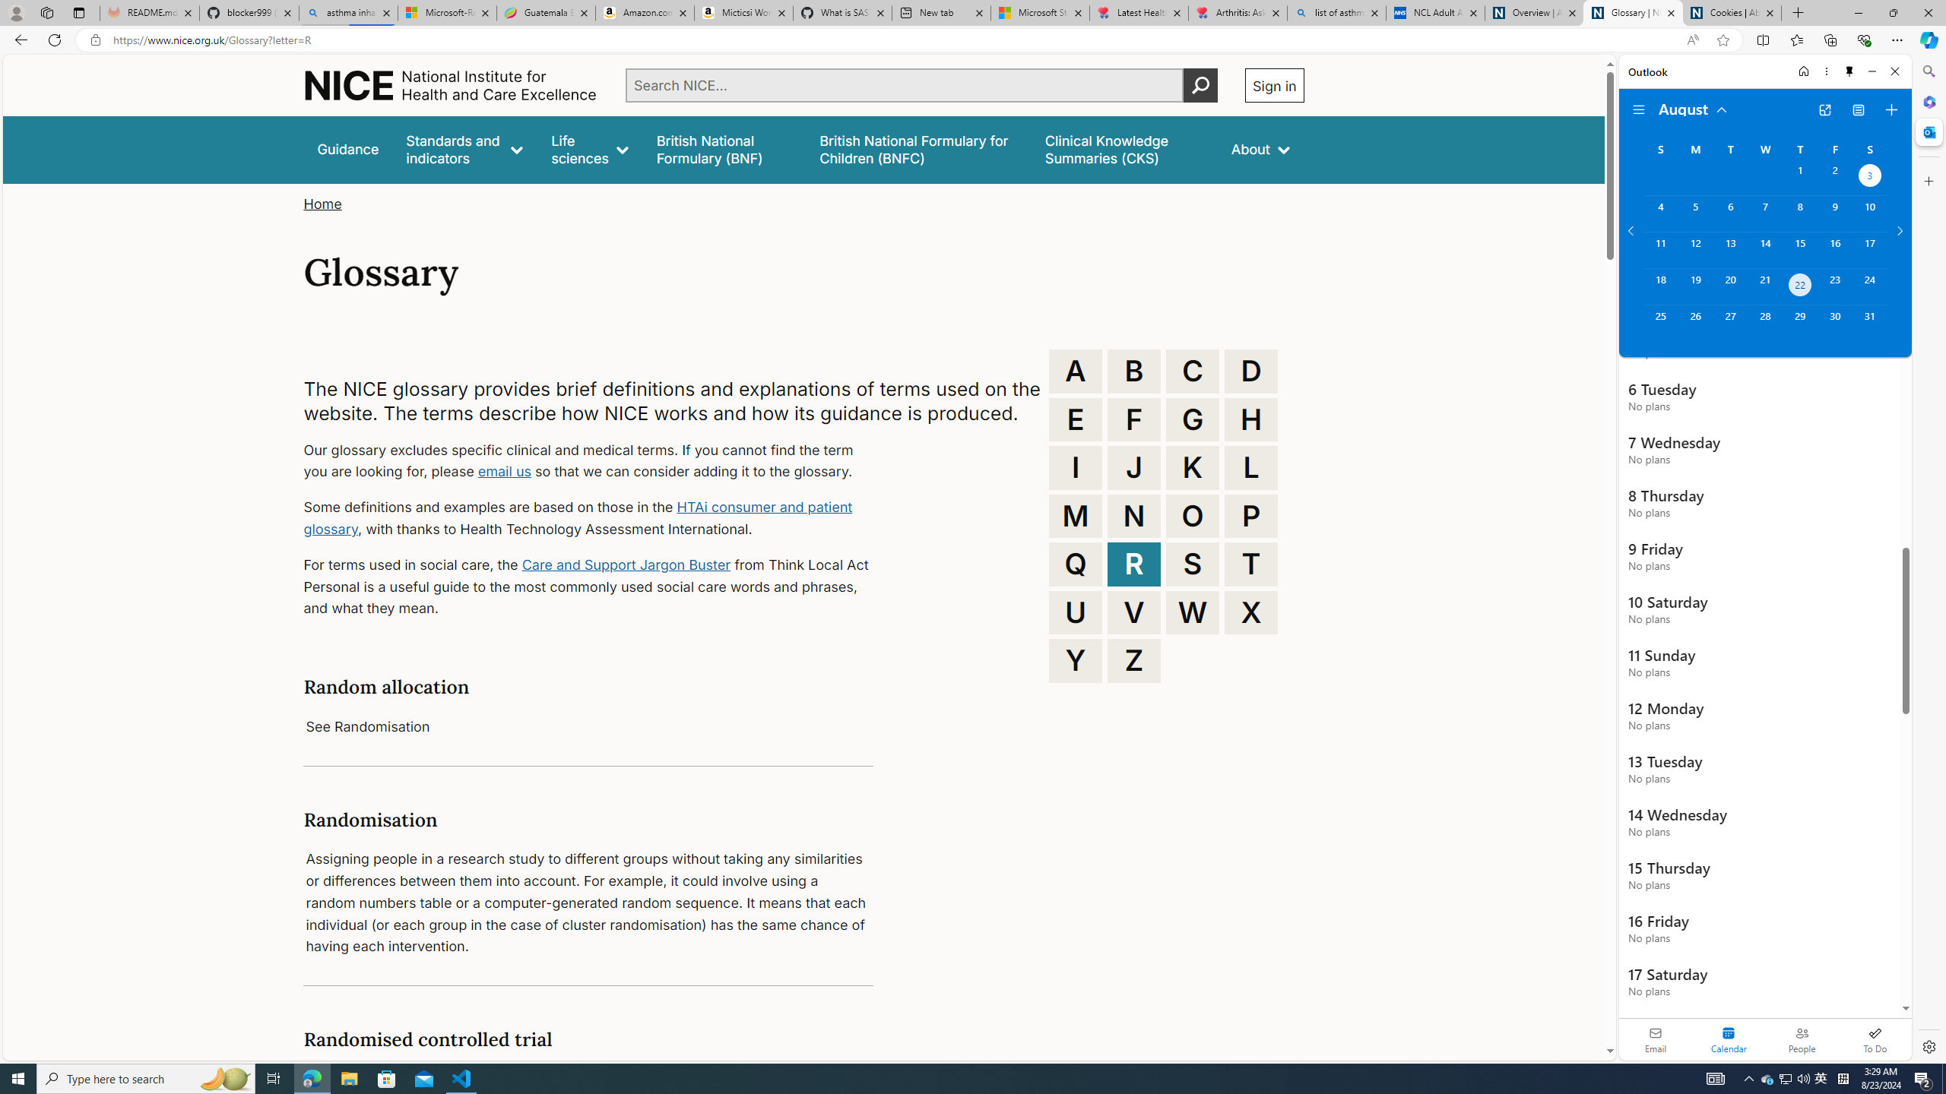  I want to click on 'Tuesday, August 27, 2024. ', so click(1729, 323).